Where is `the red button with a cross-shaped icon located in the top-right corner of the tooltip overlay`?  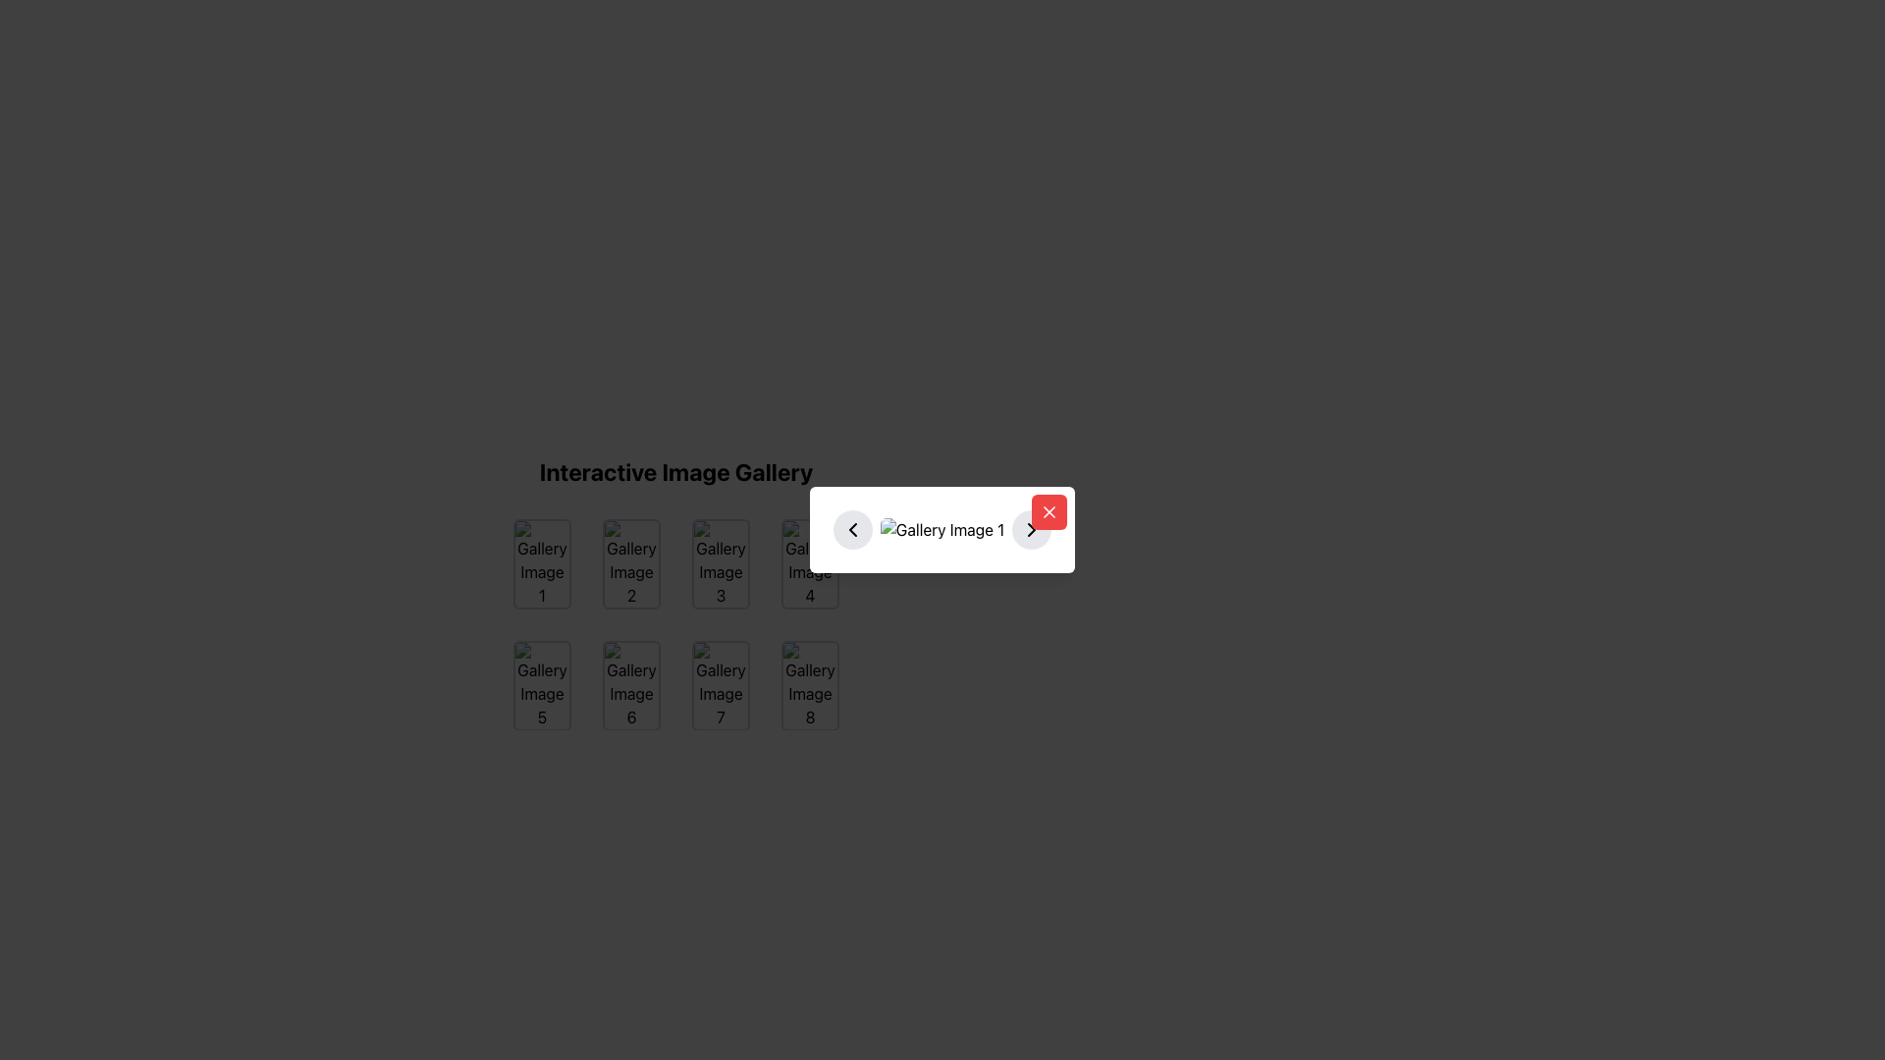
the red button with a cross-shaped icon located in the top-right corner of the tooltip overlay is located at coordinates (1049, 510).